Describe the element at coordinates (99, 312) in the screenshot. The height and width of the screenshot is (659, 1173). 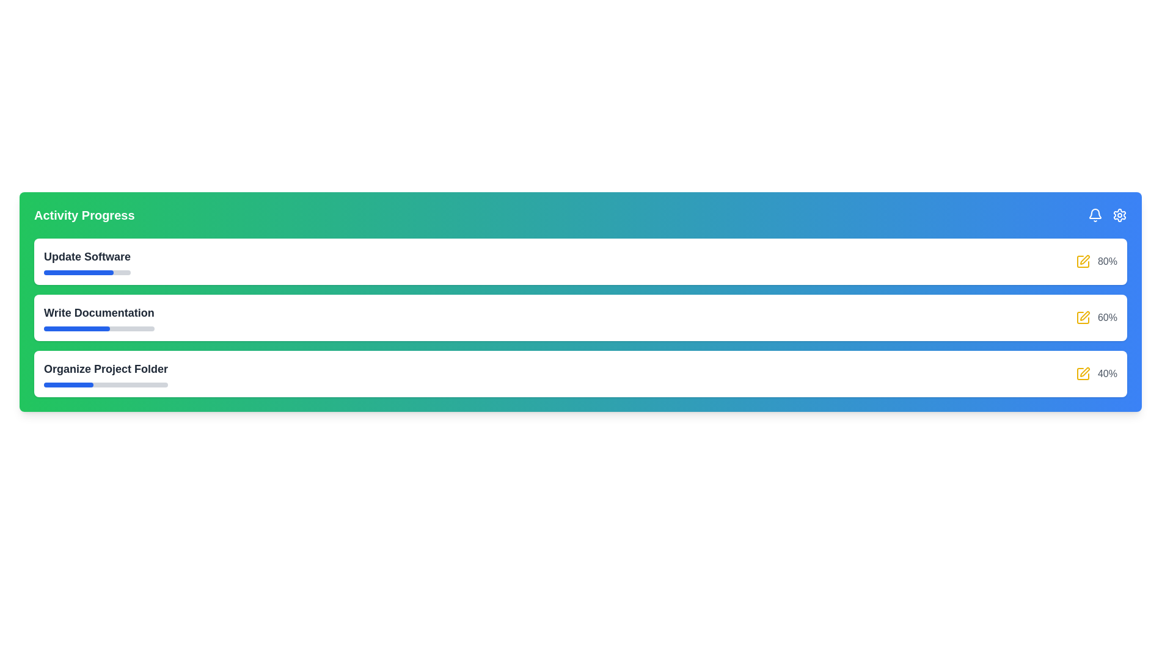
I see `text label positioned in the center of the second task block in the progress tracker, located between the tasks 'Update Software' and 'Organize Project Folder'` at that location.